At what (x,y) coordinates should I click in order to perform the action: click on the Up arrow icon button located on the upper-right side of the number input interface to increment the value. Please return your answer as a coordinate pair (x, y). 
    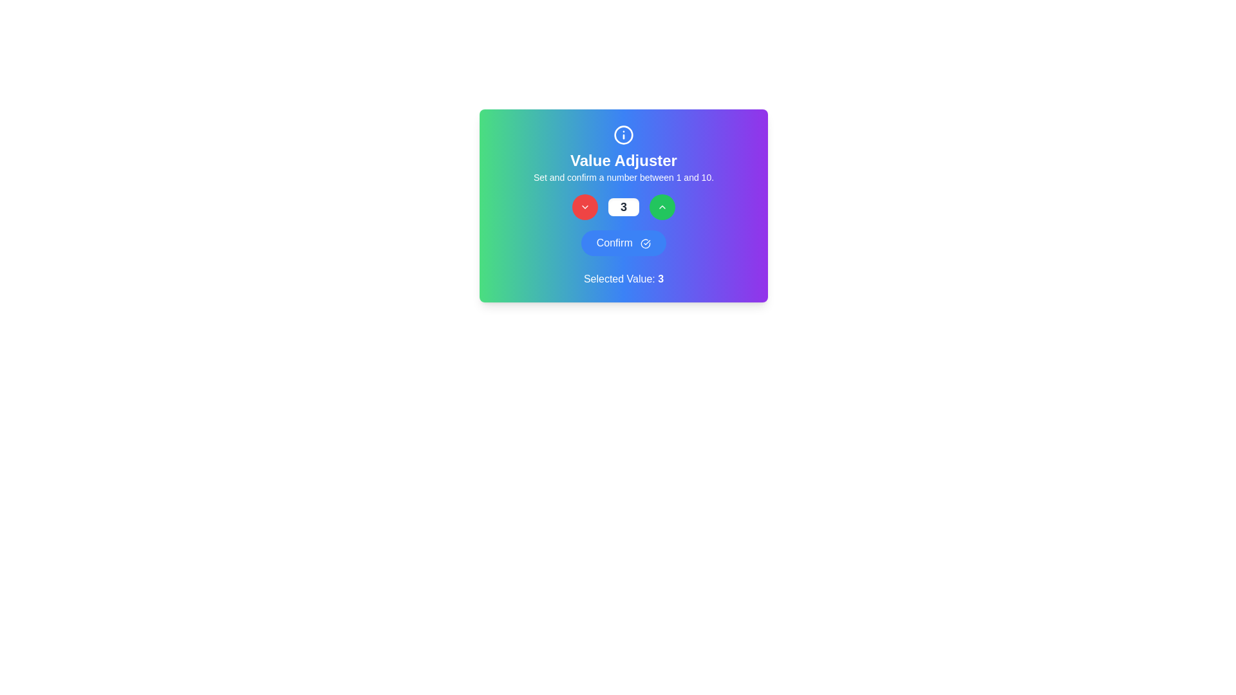
    Looking at the image, I should click on (662, 206).